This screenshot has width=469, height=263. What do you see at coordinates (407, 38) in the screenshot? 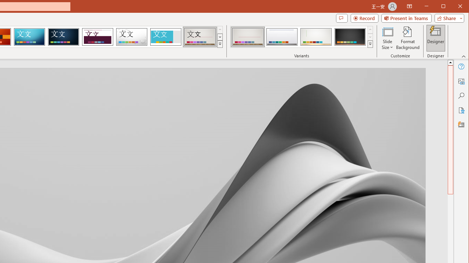
I see `'Format Background'` at bounding box center [407, 38].